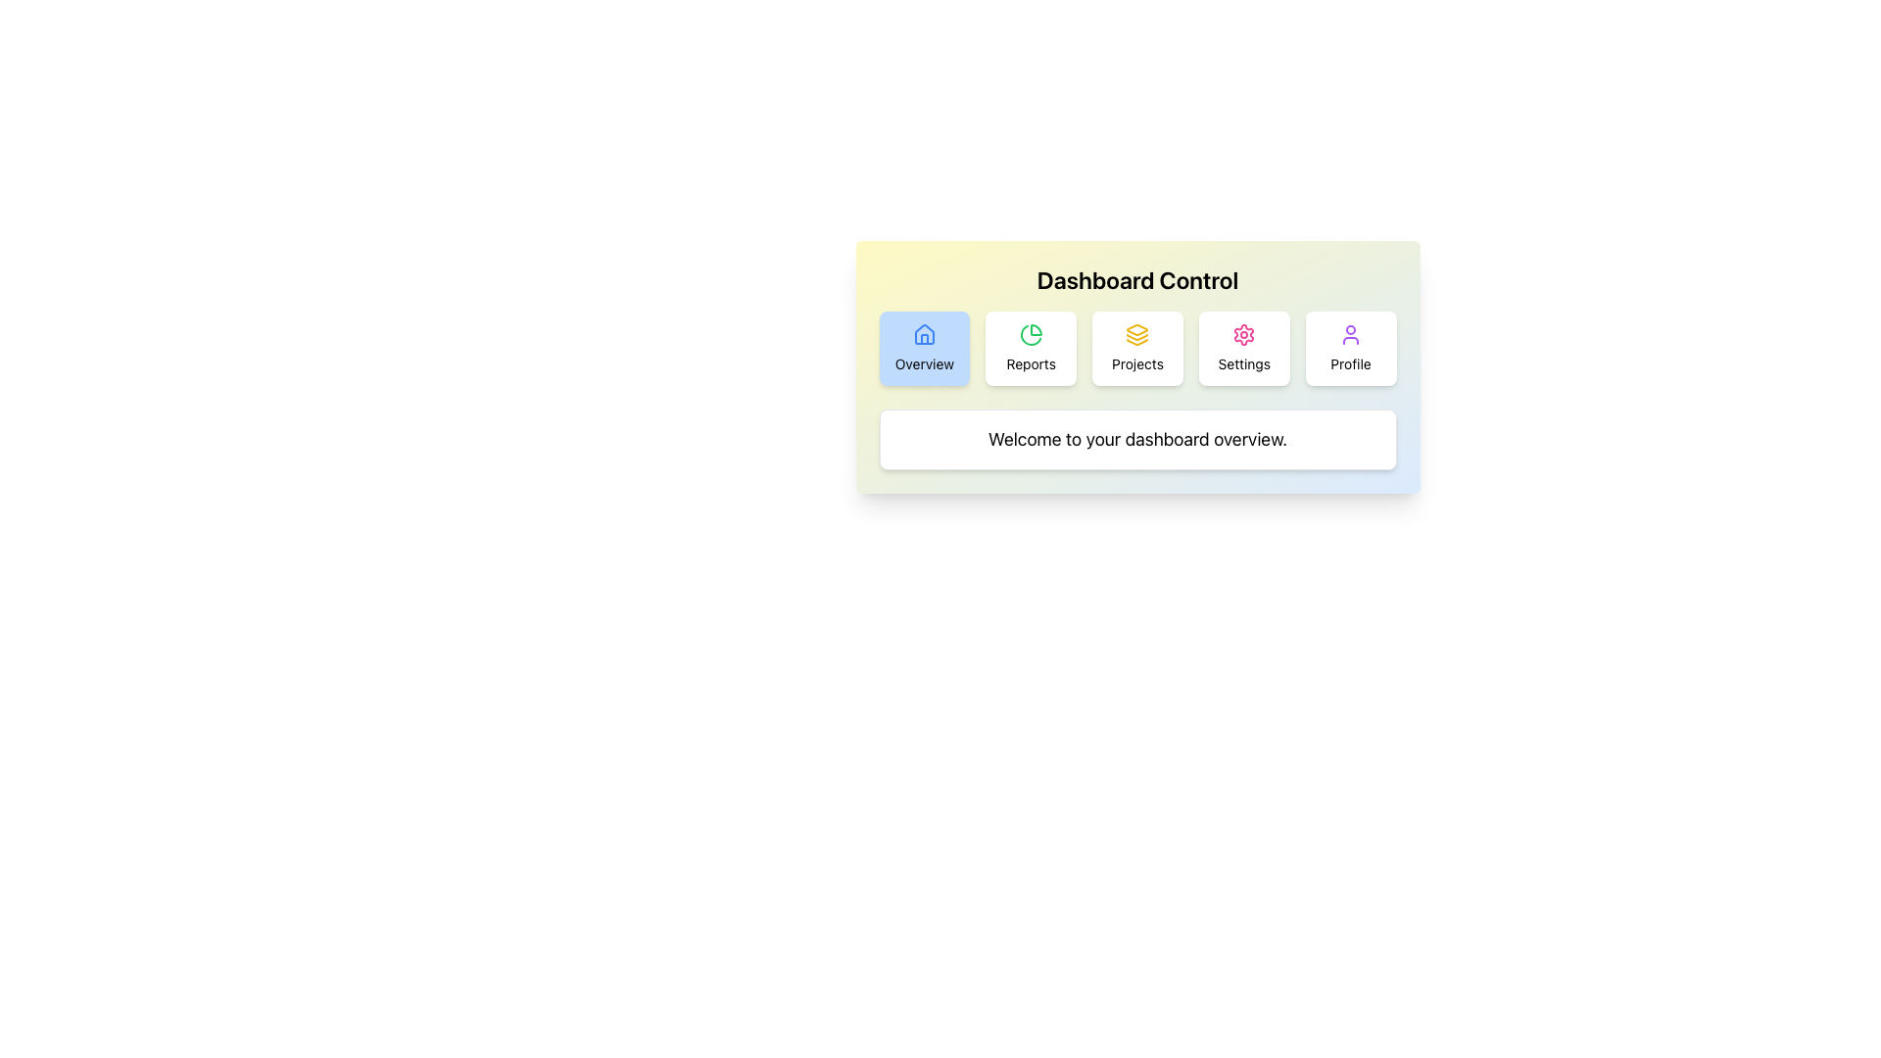  What do you see at coordinates (1243, 334) in the screenshot?
I see `the gear icon located centrally within the 'Settings' button on the horizontal navigation bar` at bounding box center [1243, 334].